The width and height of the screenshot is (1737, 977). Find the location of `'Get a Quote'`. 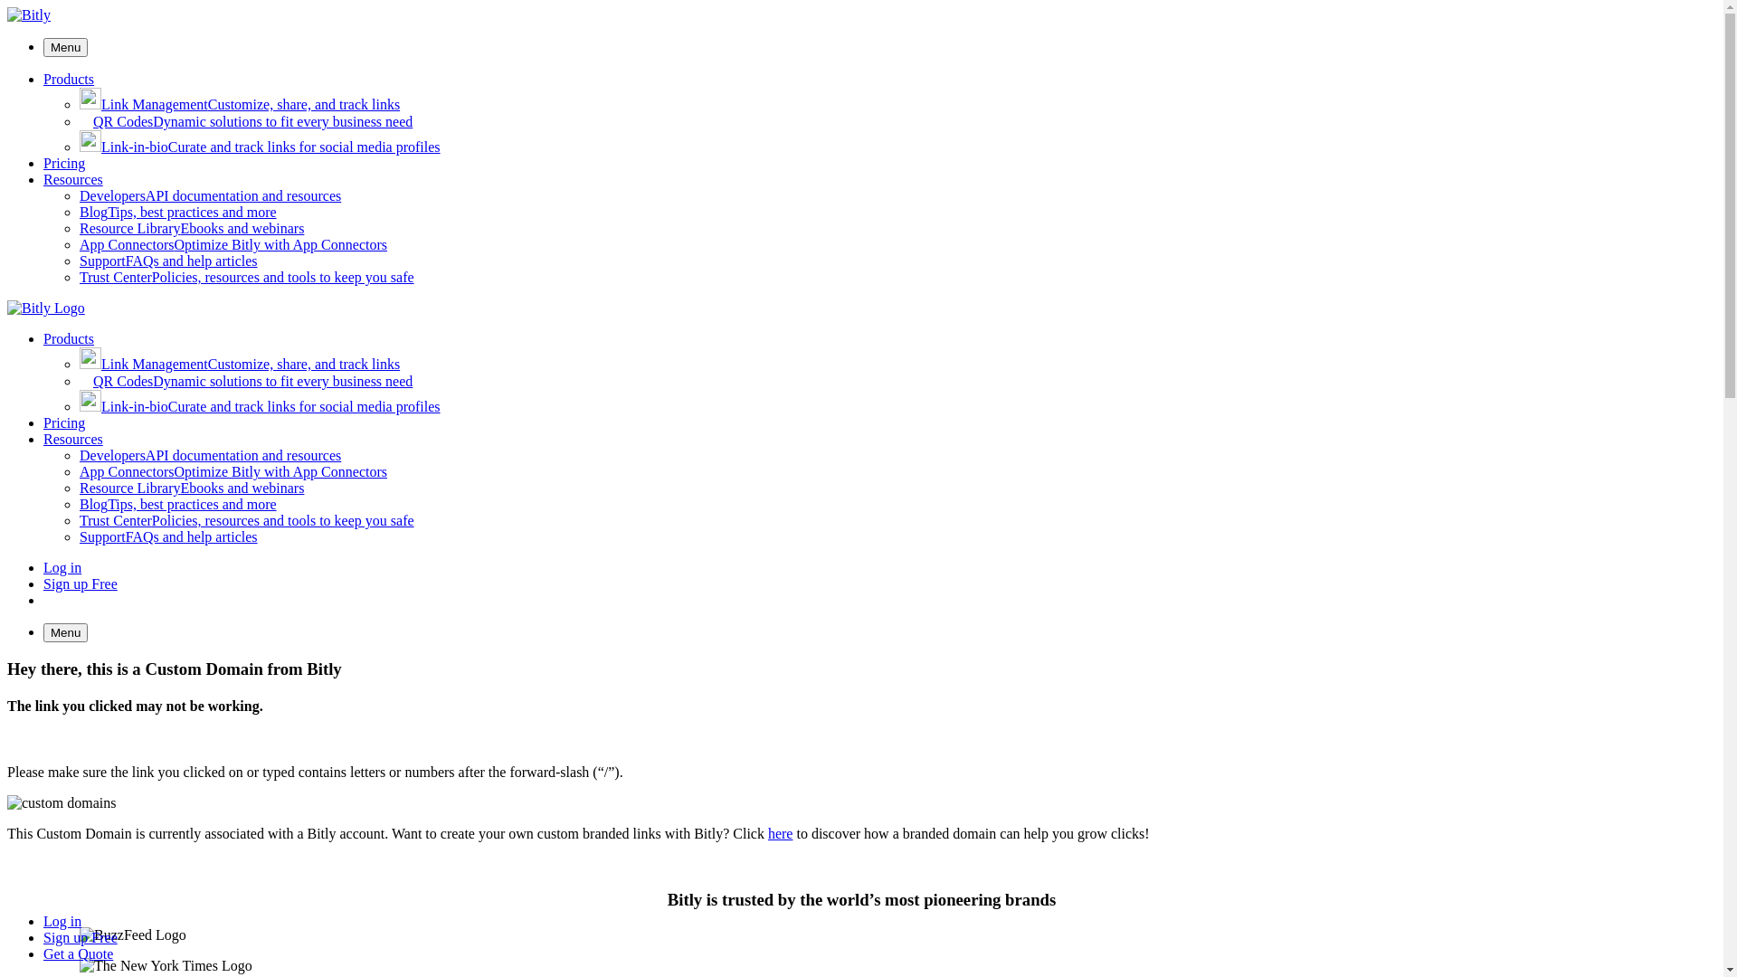

'Get a Quote' is located at coordinates (77, 953).